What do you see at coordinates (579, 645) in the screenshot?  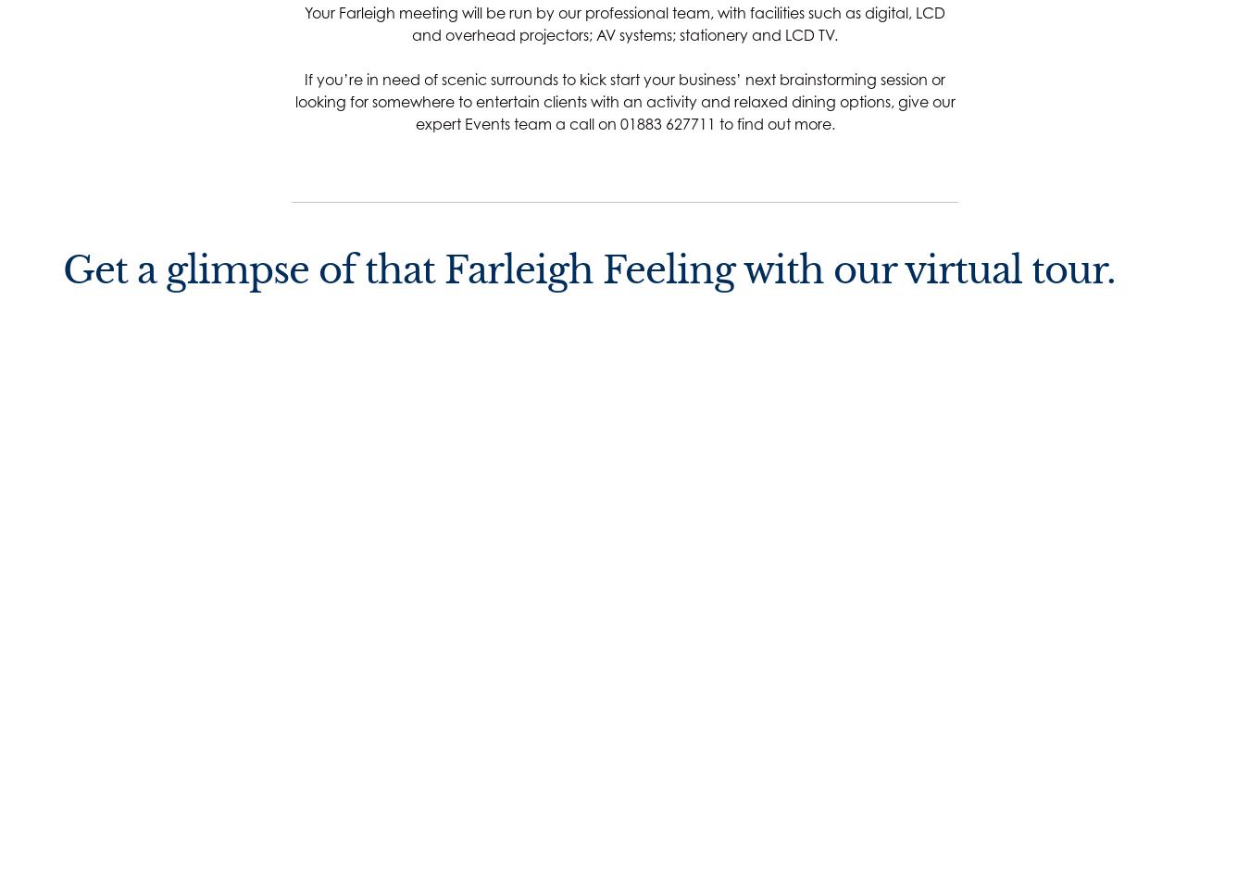 I see `'Join'` at bounding box center [579, 645].